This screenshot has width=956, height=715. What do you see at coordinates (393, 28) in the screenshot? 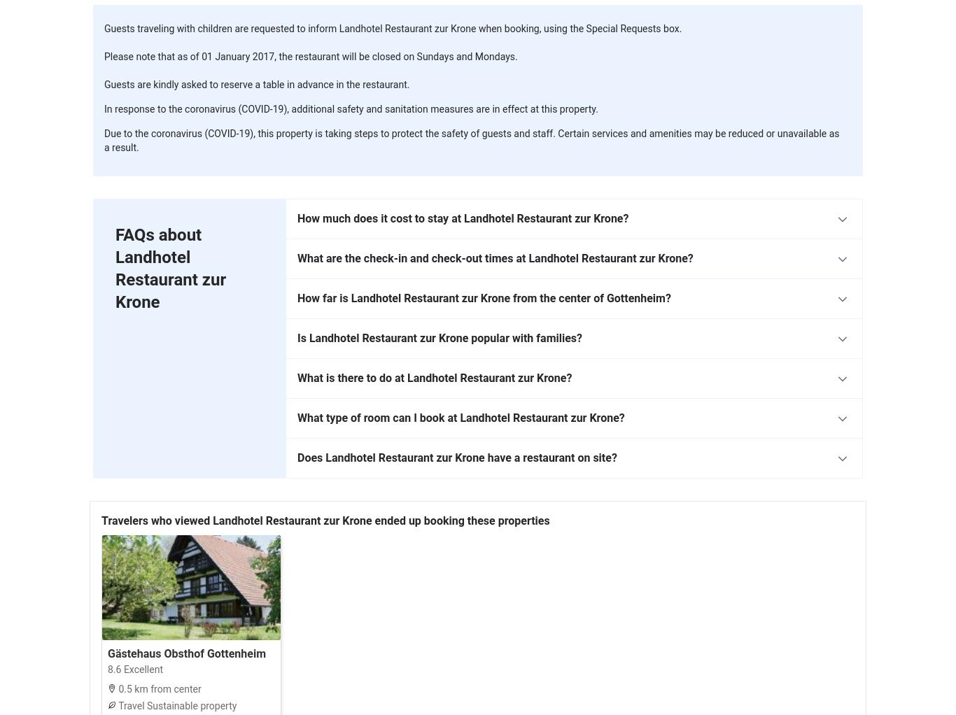
I see `'Guests traveling with children are requested to inform Landhotel Restaurant zur Krone when booking, using the Special Requests box.'` at bounding box center [393, 28].